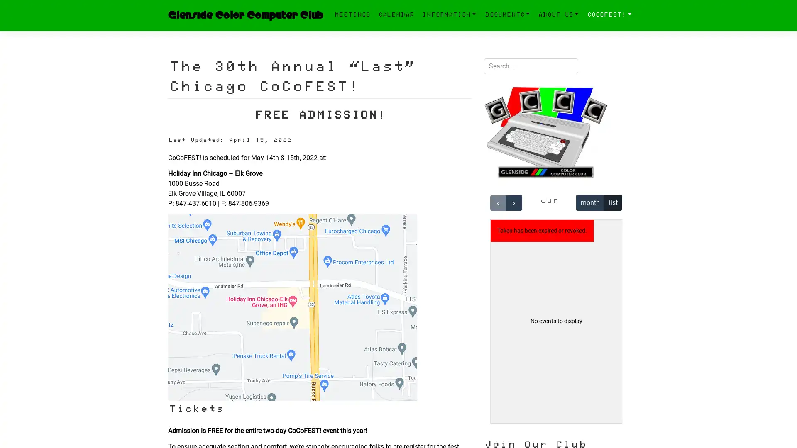 The width and height of the screenshot is (797, 448). Describe the element at coordinates (589, 202) in the screenshot. I see `month` at that location.